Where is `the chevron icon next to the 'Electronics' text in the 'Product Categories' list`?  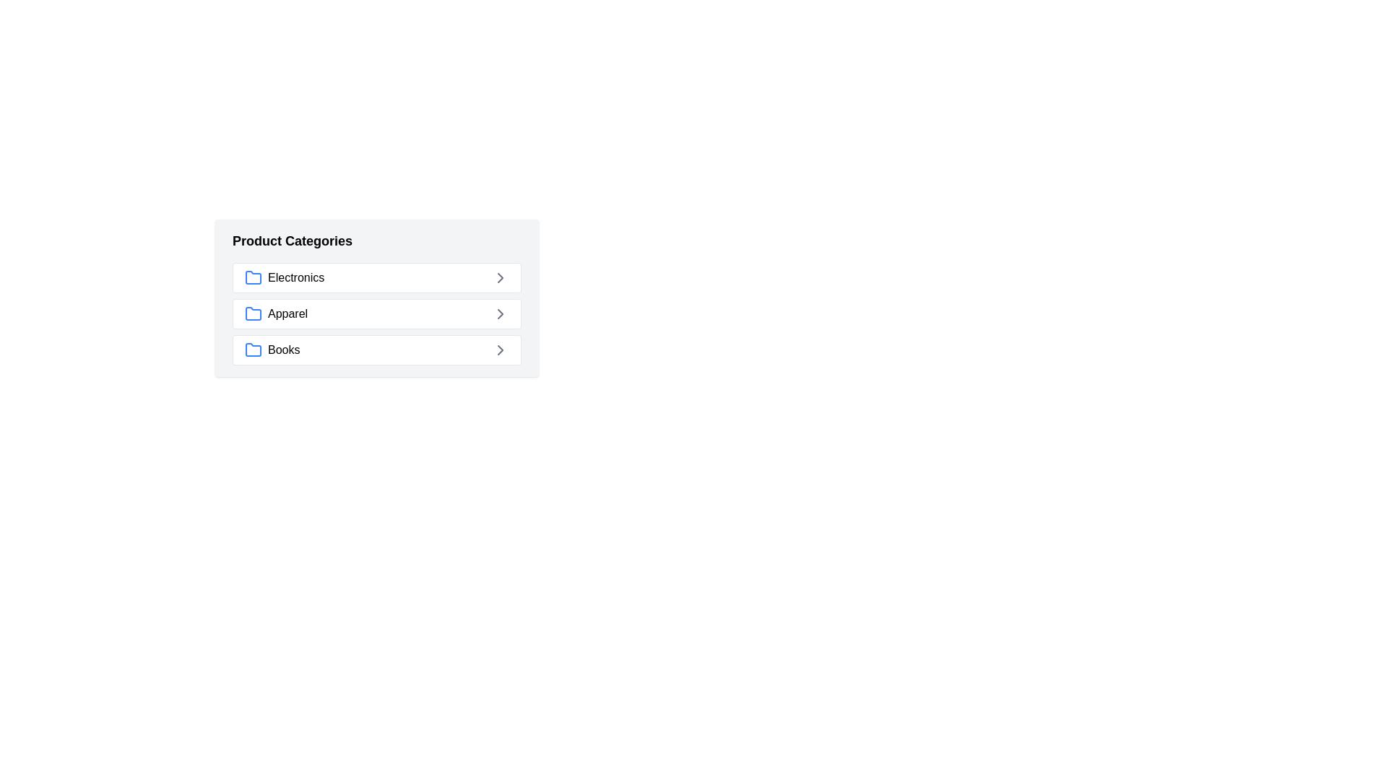 the chevron icon next to the 'Electronics' text in the 'Product Categories' list is located at coordinates (500, 278).